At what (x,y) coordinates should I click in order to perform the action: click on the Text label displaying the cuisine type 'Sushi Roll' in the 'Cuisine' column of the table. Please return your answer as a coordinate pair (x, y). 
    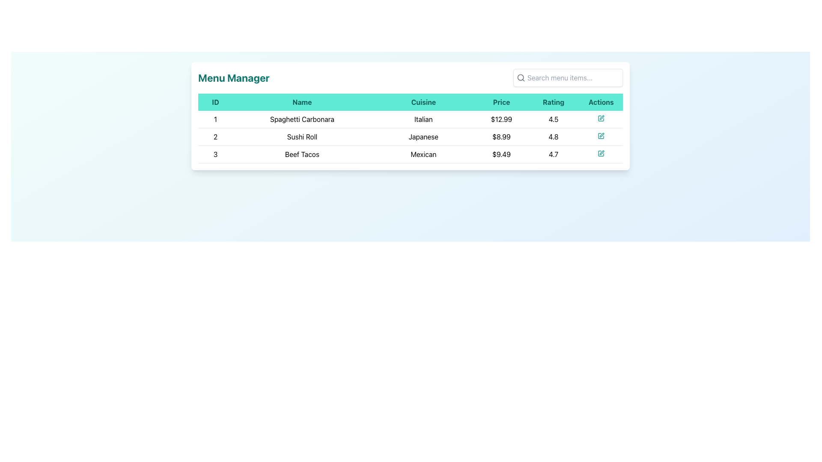
    Looking at the image, I should click on (423, 136).